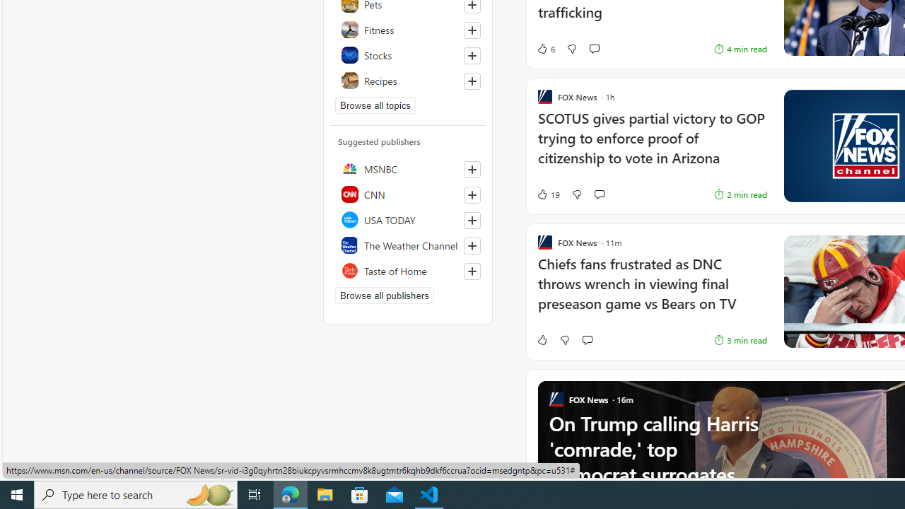  I want to click on 'Follow this source', so click(472, 271).